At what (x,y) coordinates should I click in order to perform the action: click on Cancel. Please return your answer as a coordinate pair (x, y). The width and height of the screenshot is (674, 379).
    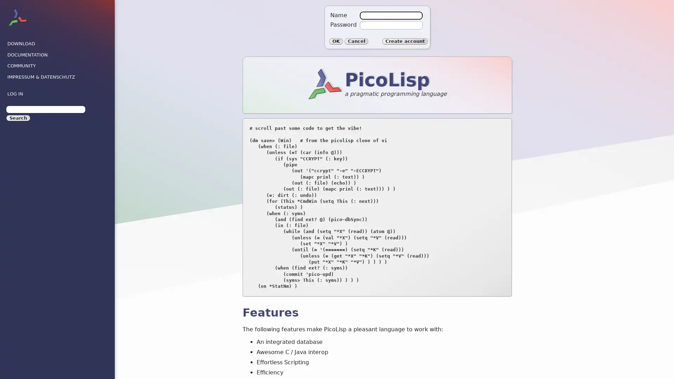
    Looking at the image, I should click on (356, 41).